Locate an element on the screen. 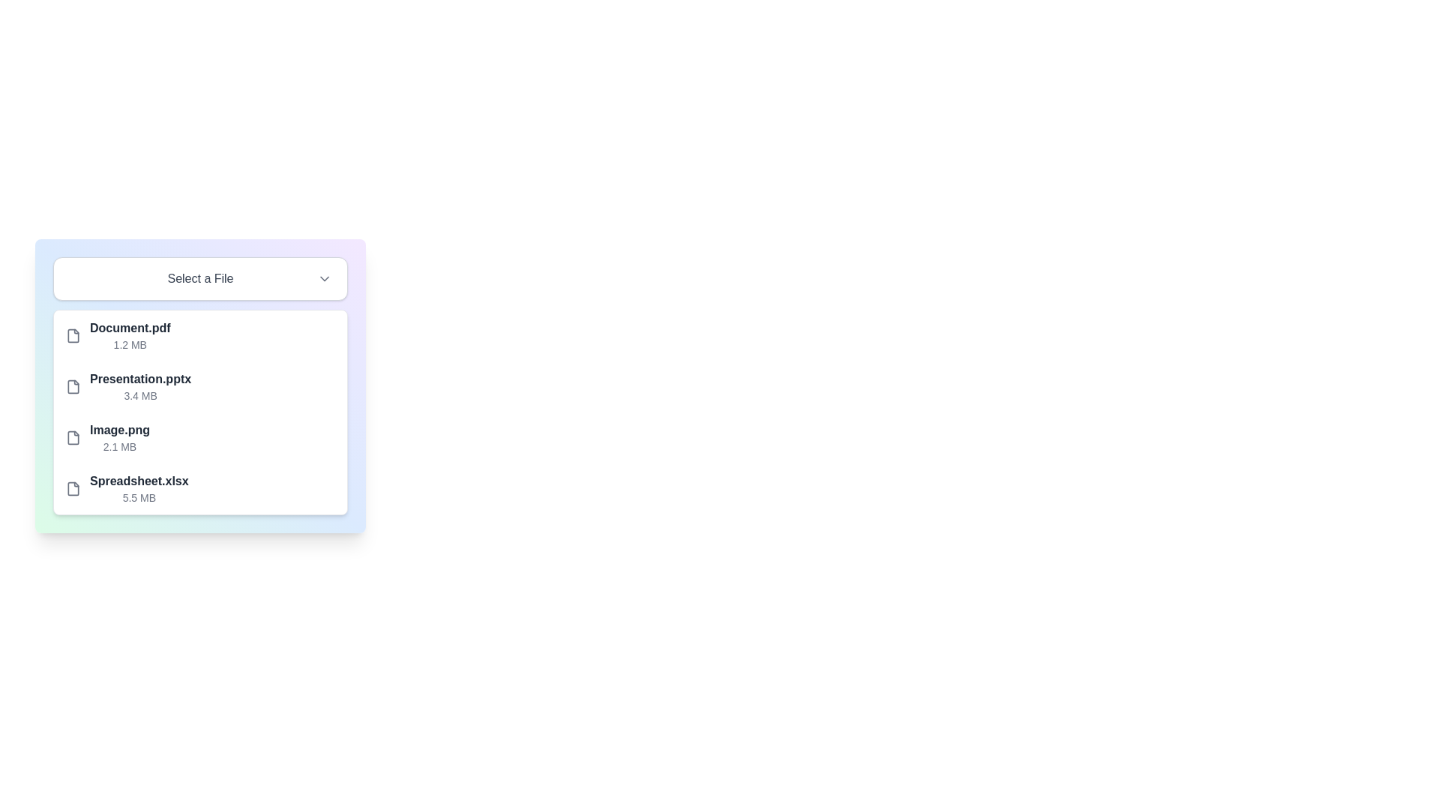 This screenshot has height=810, width=1440. the non-interactive text label that provides size information for the file named 'Presentation.pptx', positioned below the title text in the file listing is located at coordinates (140, 395).